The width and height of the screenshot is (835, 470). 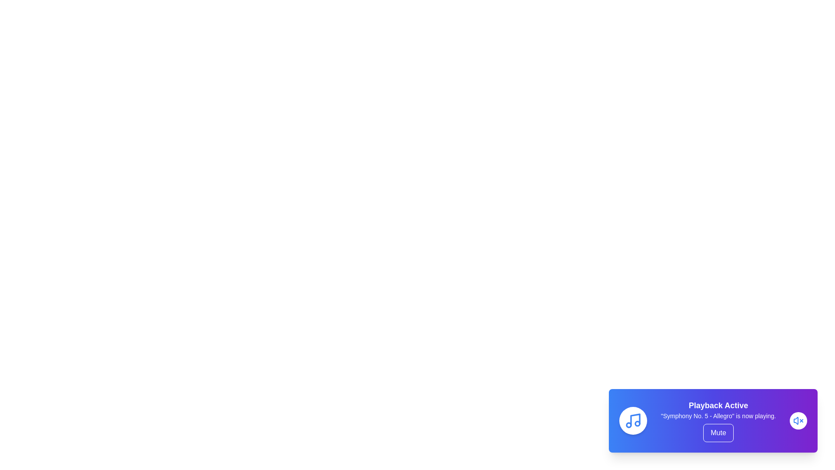 What do you see at coordinates (798, 420) in the screenshot?
I see `the dismiss button located at the bottom-right corner of the snackbar` at bounding box center [798, 420].